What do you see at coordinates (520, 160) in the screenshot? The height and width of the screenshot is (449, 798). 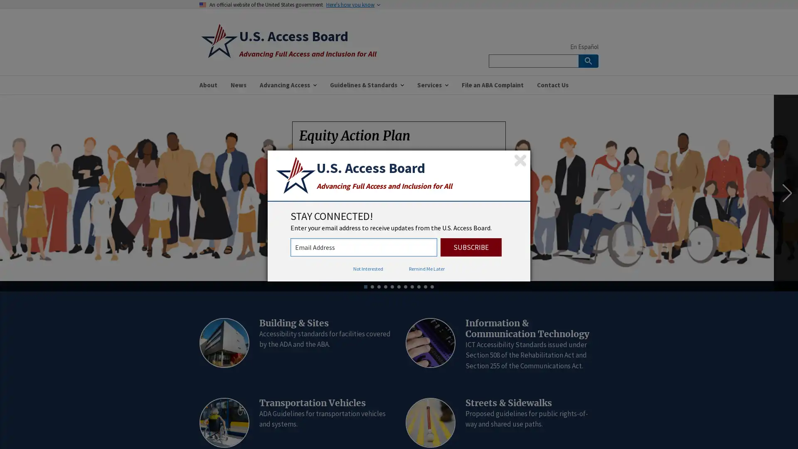 I see `Close subscription dialog` at bounding box center [520, 160].